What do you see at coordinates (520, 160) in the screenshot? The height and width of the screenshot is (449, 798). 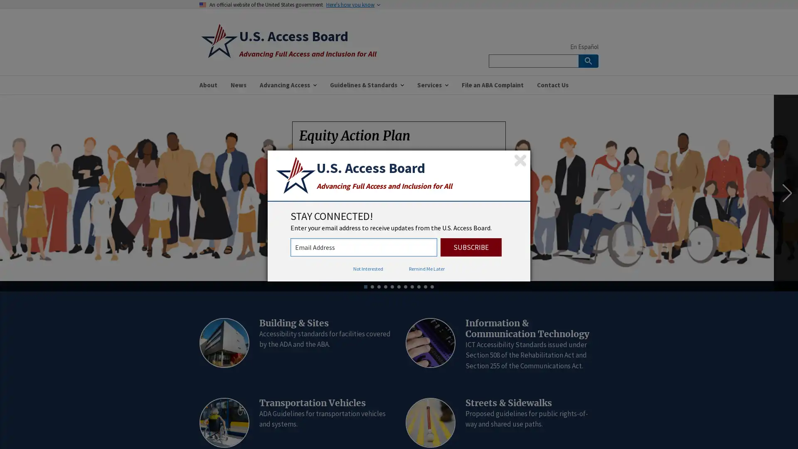 I see `Close subscription dialog` at bounding box center [520, 160].